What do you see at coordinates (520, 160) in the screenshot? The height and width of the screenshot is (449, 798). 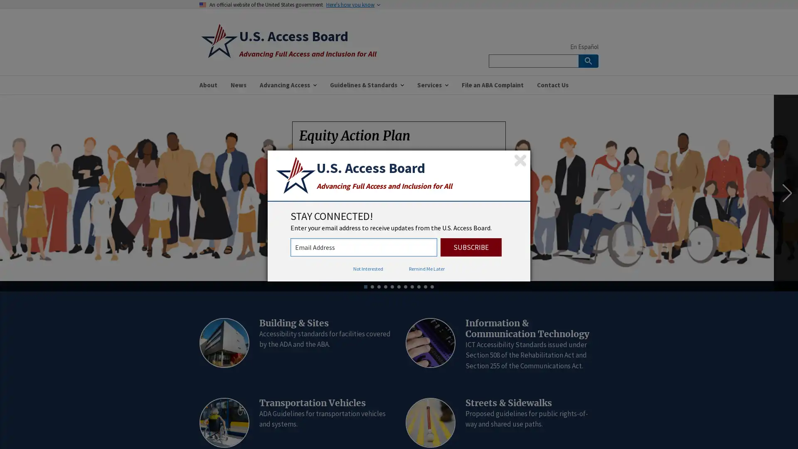 I see `Close subscription dialog` at bounding box center [520, 160].